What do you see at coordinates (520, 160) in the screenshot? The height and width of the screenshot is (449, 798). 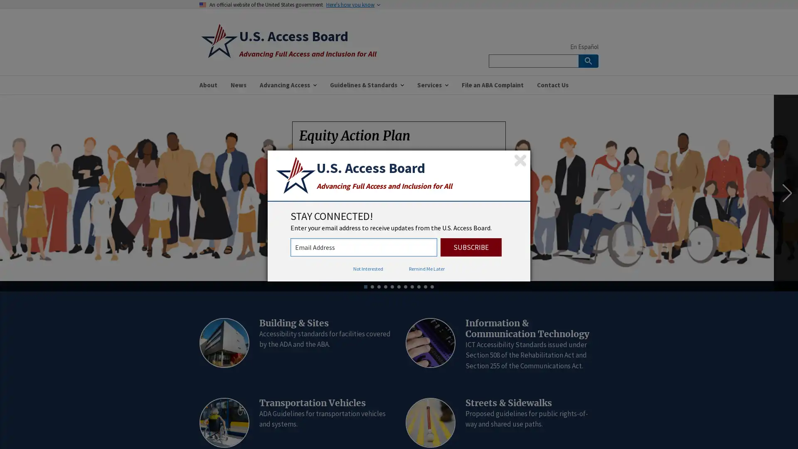 I see `Close subscription dialog` at bounding box center [520, 160].